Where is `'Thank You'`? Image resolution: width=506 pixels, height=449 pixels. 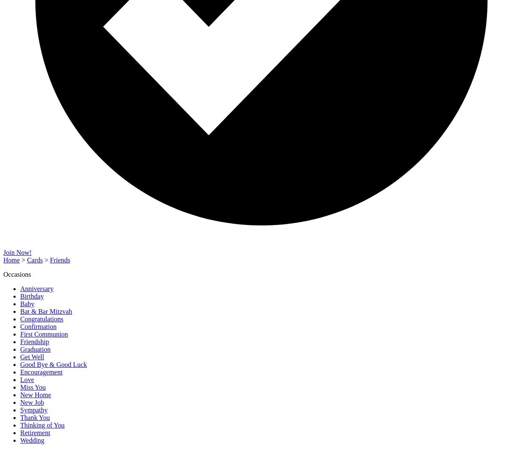 'Thank You' is located at coordinates (35, 417).